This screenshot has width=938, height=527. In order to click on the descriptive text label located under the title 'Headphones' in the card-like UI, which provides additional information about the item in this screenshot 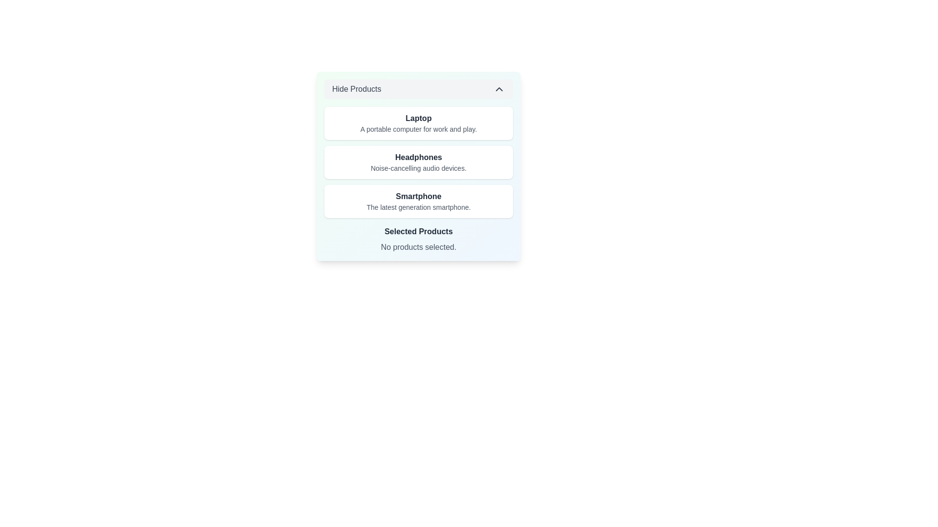, I will do `click(419, 167)`.